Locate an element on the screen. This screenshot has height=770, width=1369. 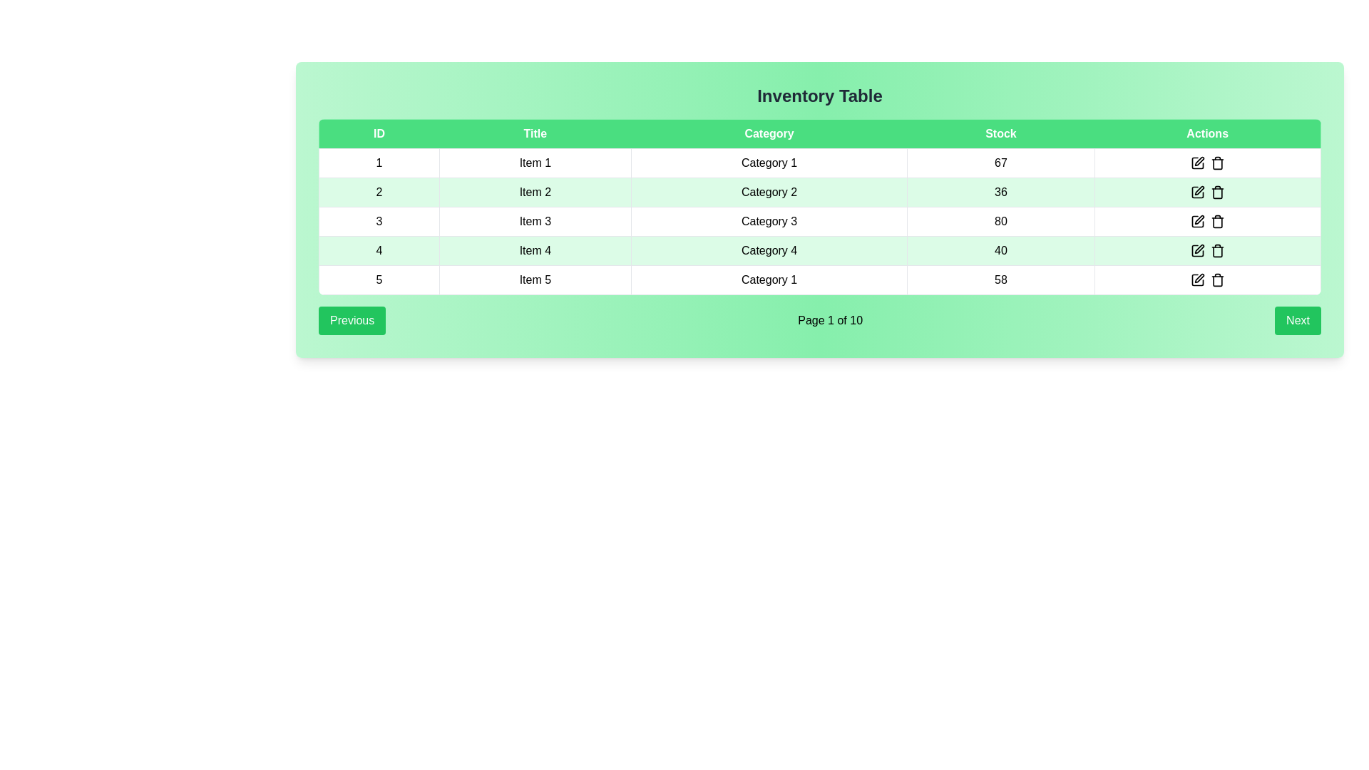
the trash bin icon button in the 'Actions' column is located at coordinates (1216, 222).